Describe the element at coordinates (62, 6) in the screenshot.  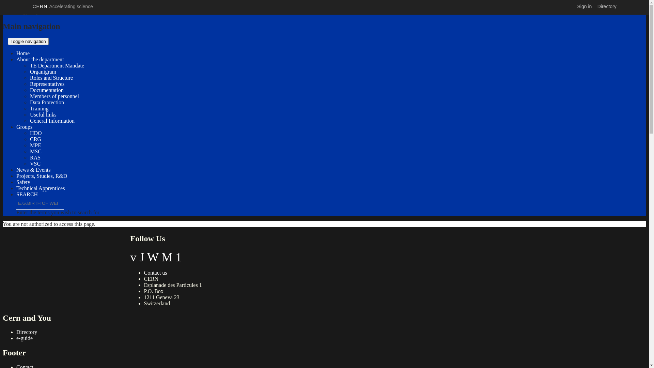
I see `'CERN Accelerating science'` at that location.